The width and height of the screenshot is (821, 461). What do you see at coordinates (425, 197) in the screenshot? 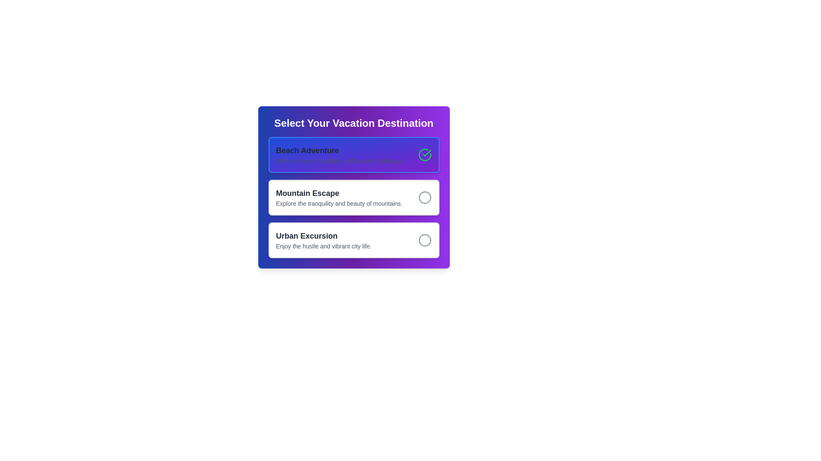
I see `the unselected radio button, which is a gray circular outline located to the right of the 'Mountain Escape' list item, to trigger tooltip or visual feedback` at bounding box center [425, 197].